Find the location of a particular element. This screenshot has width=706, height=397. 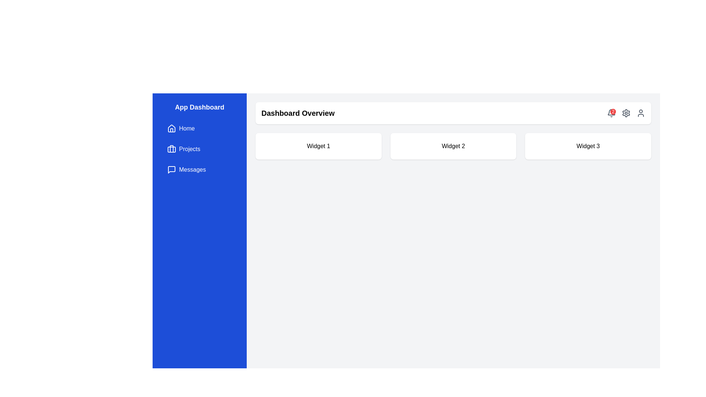

the 'Messages' navigation button located in the sidebar, which is the third item in a vertical list is located at coordinates (186, 170).